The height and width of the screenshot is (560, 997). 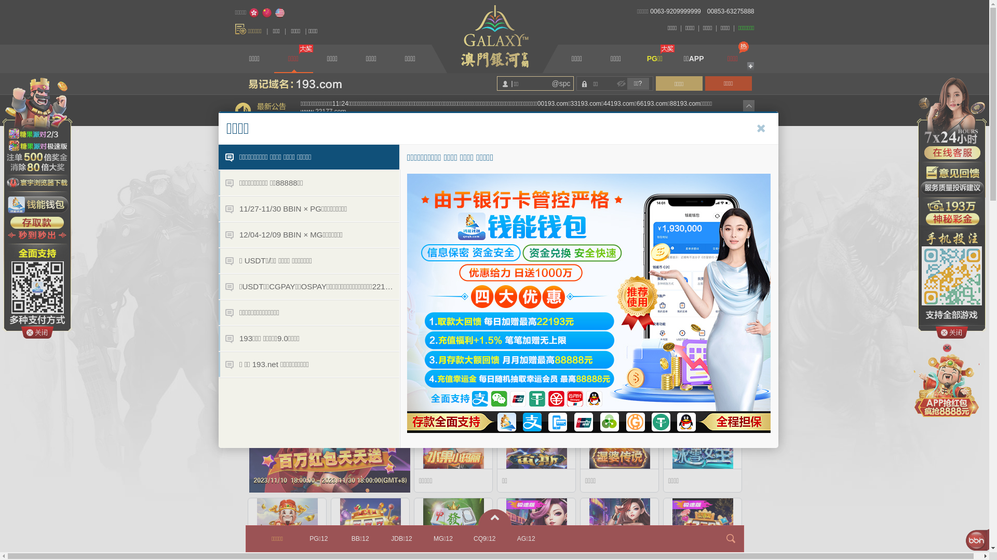 I want to click on 'English', so click(x=274, y=12).